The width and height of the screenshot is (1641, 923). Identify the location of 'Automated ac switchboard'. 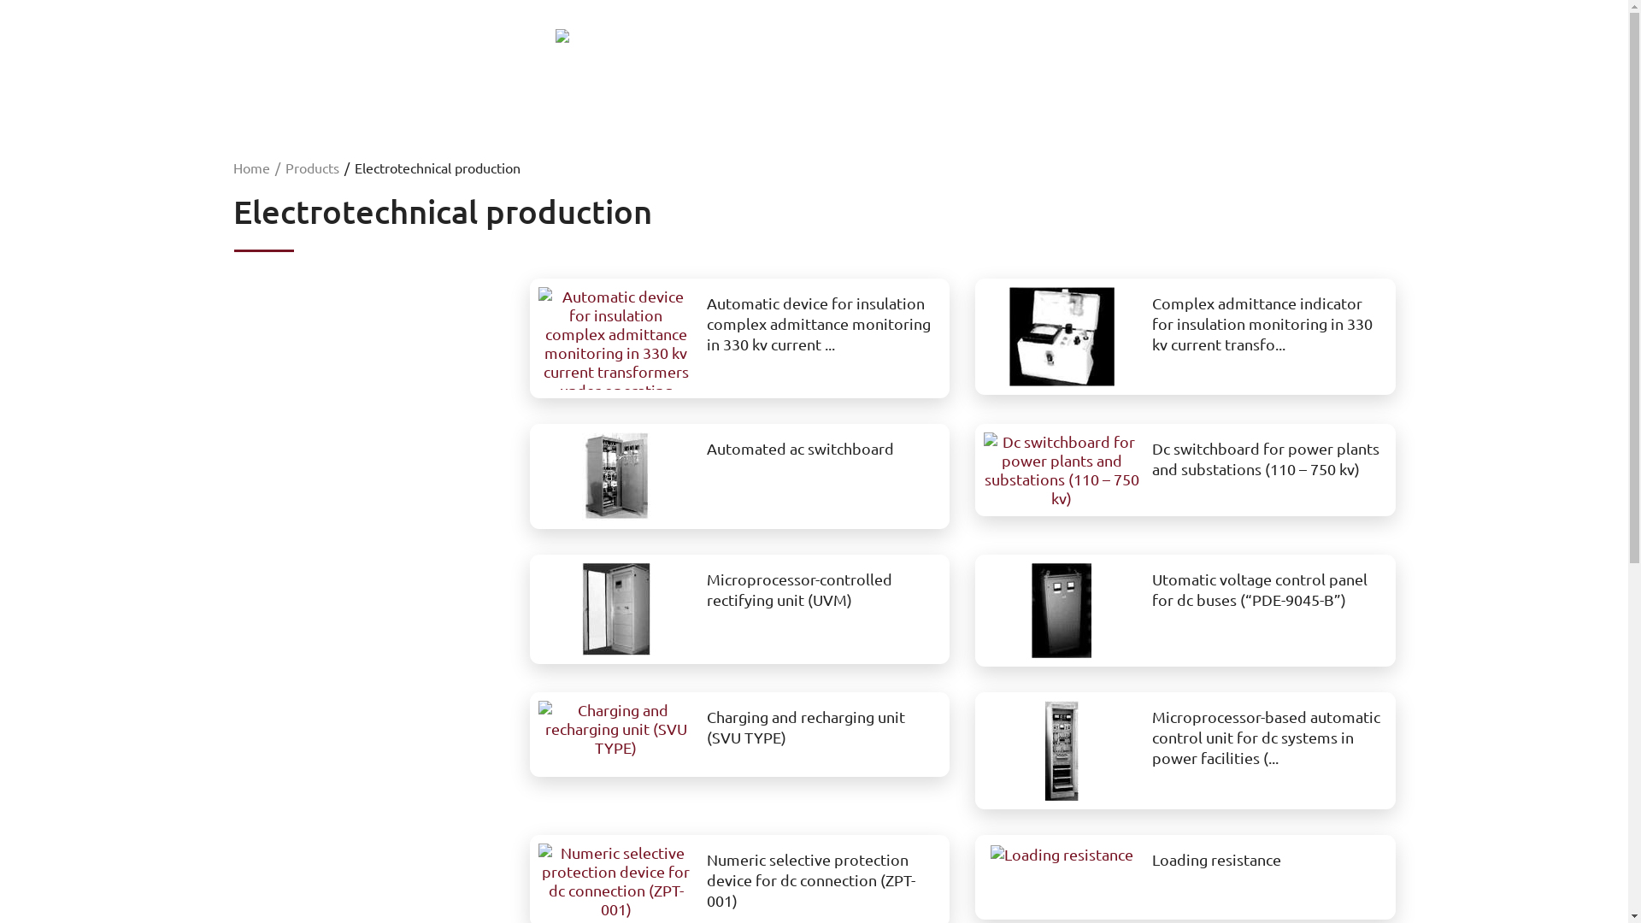
(615, 476).